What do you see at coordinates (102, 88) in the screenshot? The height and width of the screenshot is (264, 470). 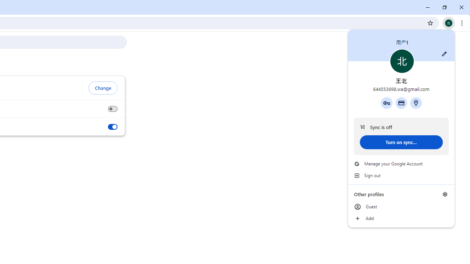 I see `'Change'` at bounding box center [102, 88].